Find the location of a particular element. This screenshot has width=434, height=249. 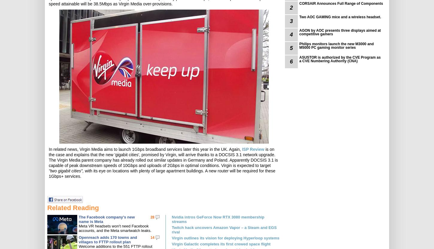

'is on the case and explains that the new 'gigabit cities', promised by Virgin, will arrive thanks to a DOCSIS 3.1 network upgrade. The Virgin Media parent company has already rolled out similar updates in Germany and Poland. Apparently DOCSIS 3.1 is capable of peak downstream speeds of 10Gbps and uploads of 2Gbps in optimal conditions. Virgin is expected to target' is located at coordinates (48, 157).